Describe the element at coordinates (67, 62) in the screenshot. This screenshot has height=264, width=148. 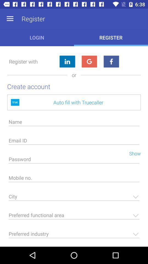
I see `because back devicer` at that location.